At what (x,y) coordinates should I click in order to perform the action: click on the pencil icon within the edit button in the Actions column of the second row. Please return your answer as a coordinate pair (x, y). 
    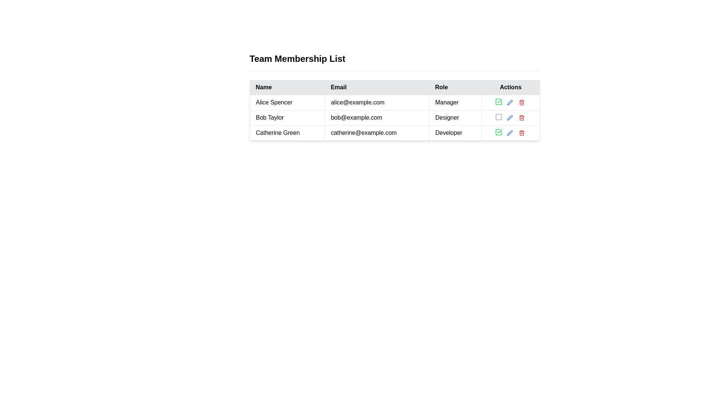
    Looking at the image, I should click on (509, 103).